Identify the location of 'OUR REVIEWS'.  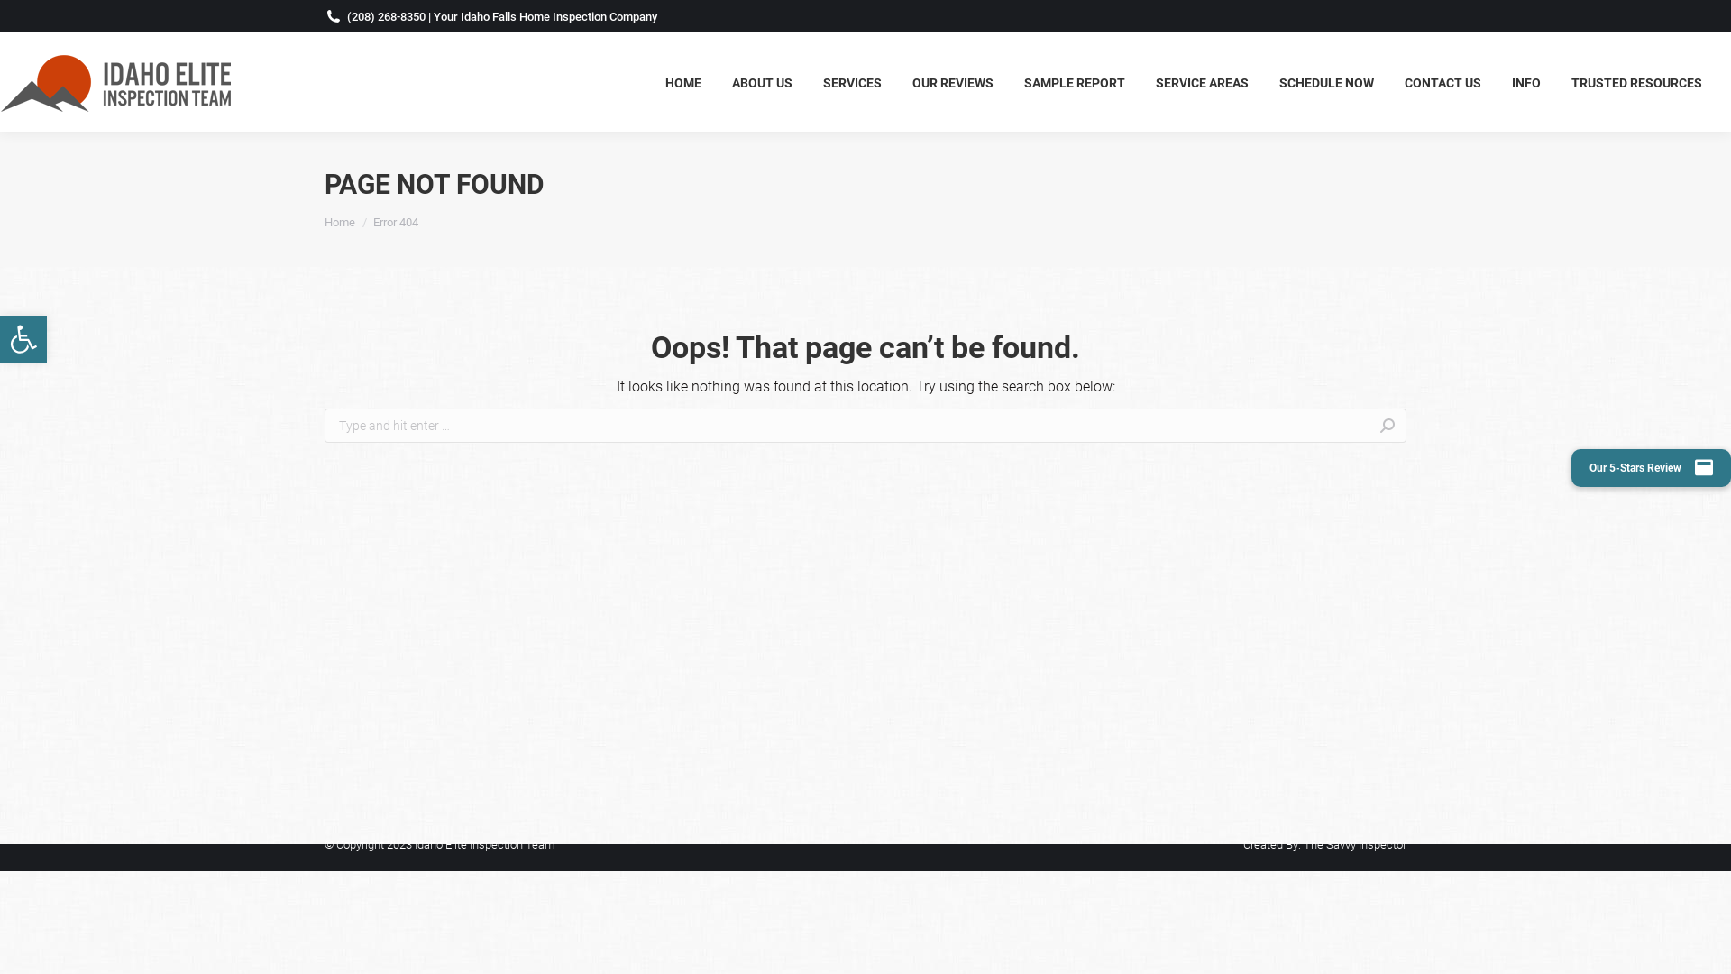
(951, 82).